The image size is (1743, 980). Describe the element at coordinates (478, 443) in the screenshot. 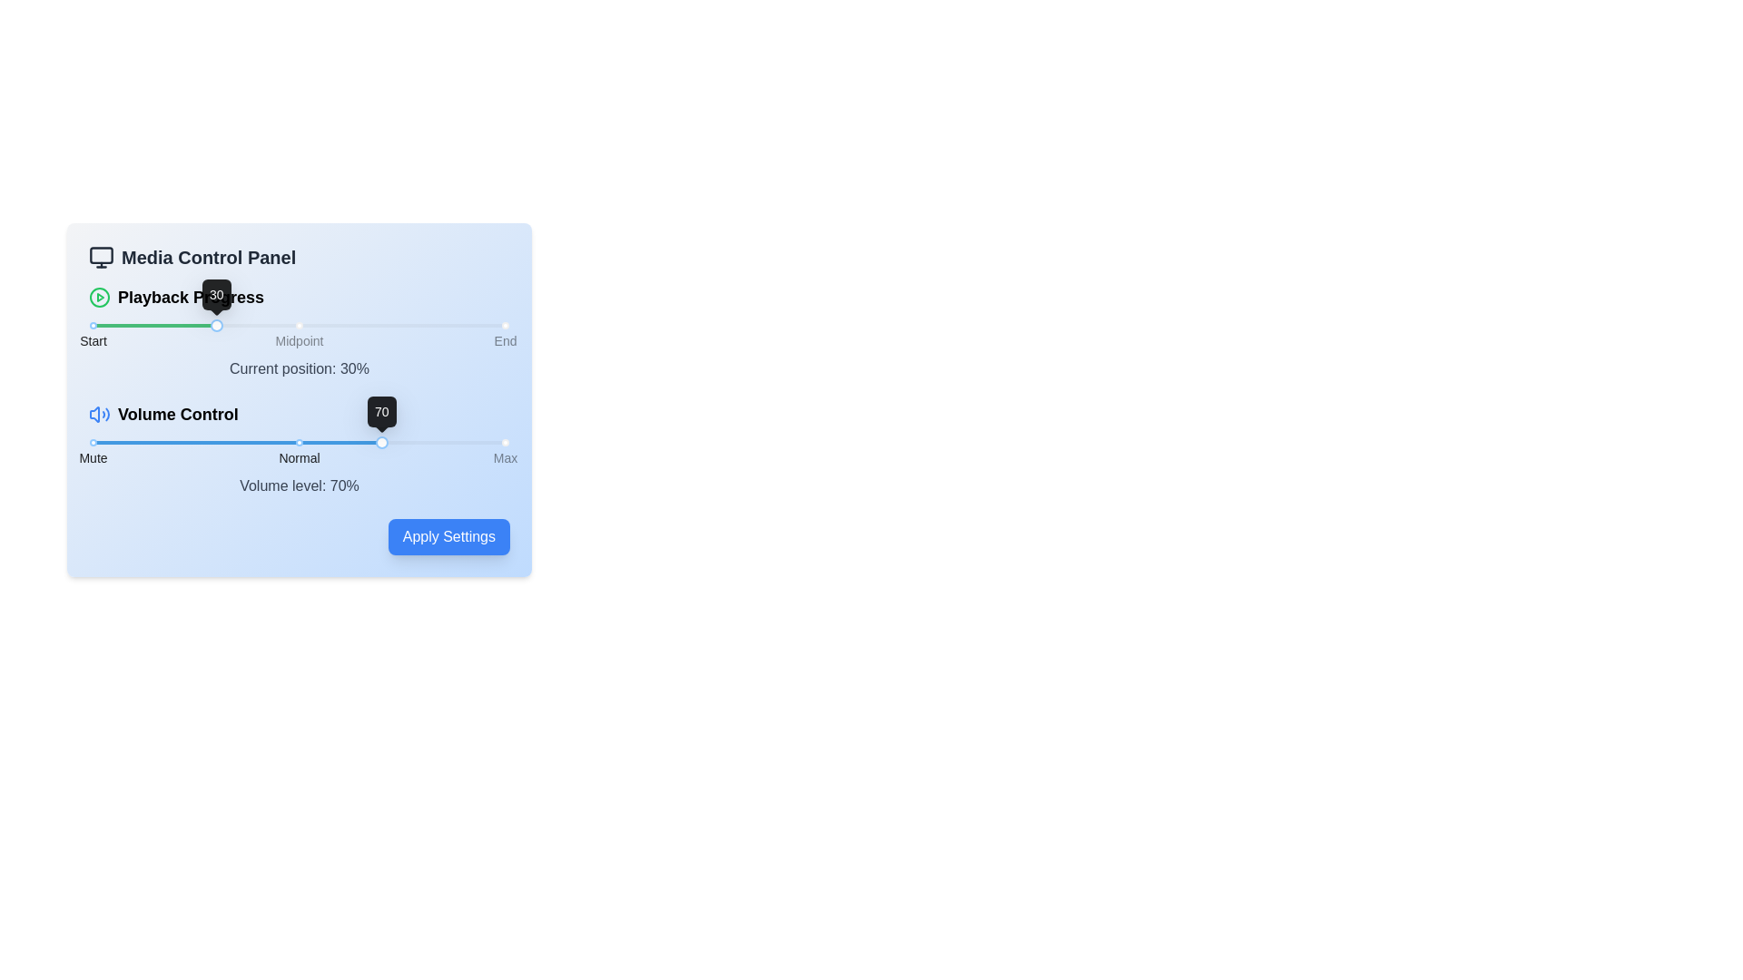

I see `the volume` at that location.